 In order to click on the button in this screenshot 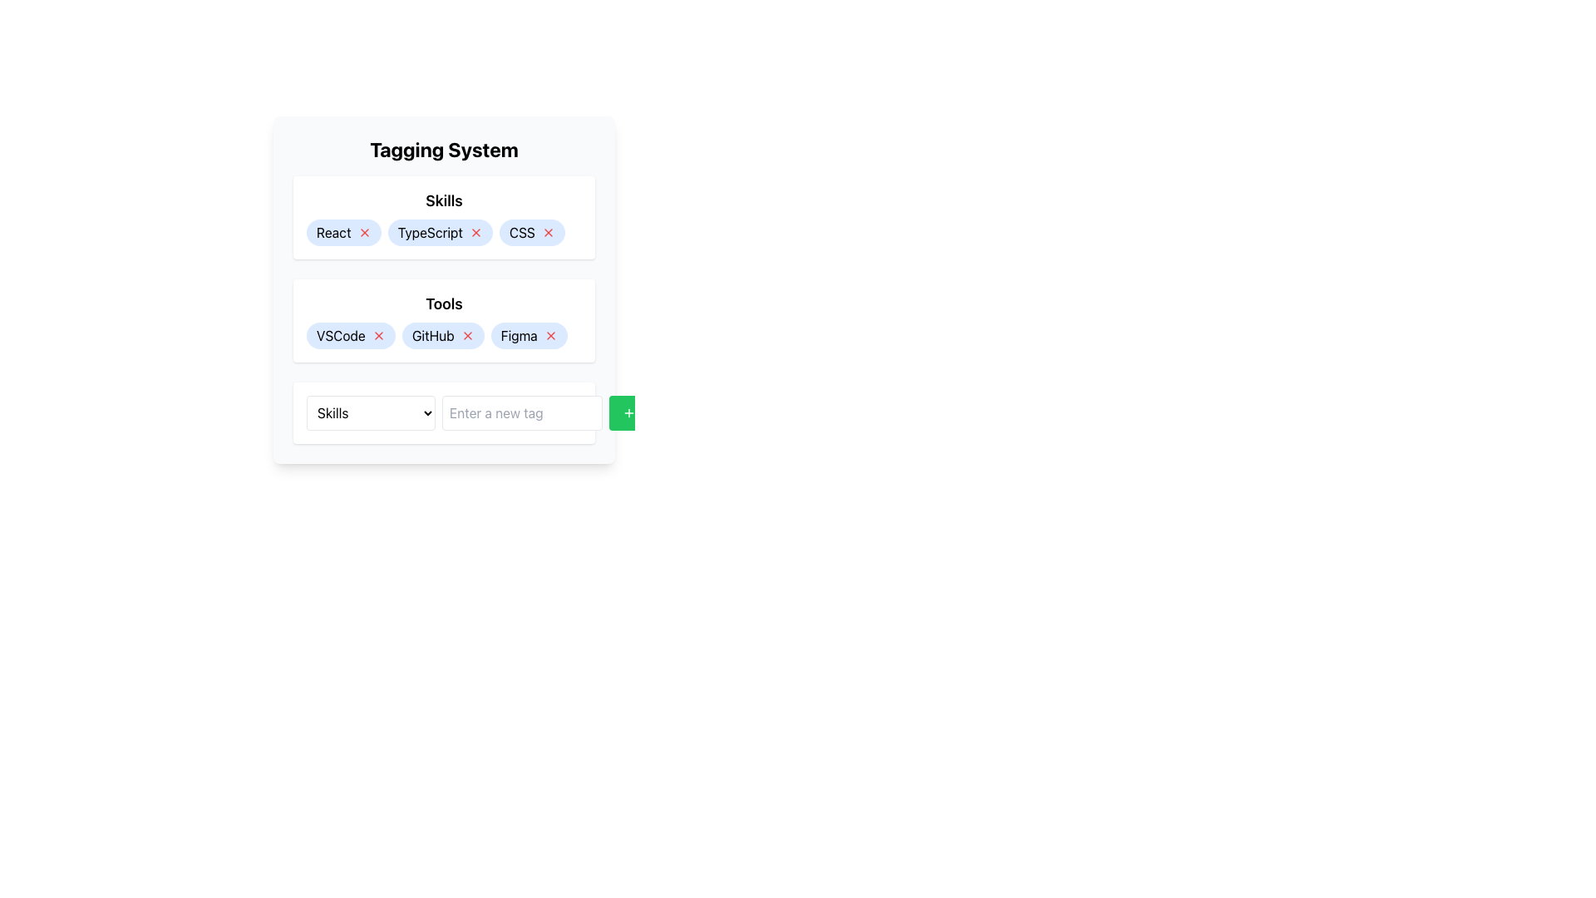, I will do `click(548, 233)`.